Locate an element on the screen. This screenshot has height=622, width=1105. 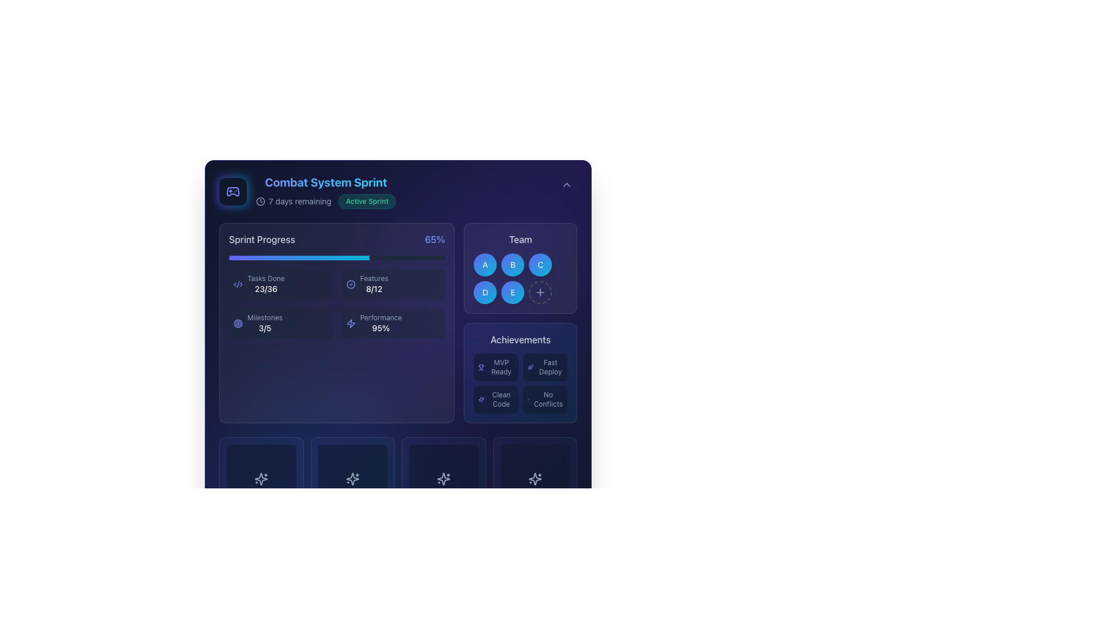
the lightning bolt icon, which is a small purple outline icon located in the bottom-left corner of a dark interface card is located at coordinates (350, 324).